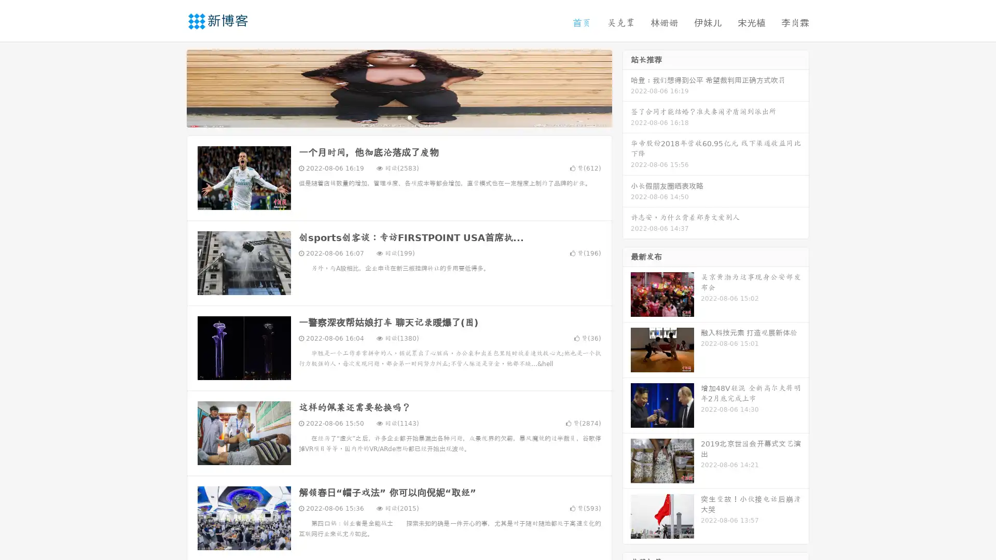  What do you see at coordinates (398, 117) in the screenshot?
I see `Go to slide 2` at bounding box center [398, 117].